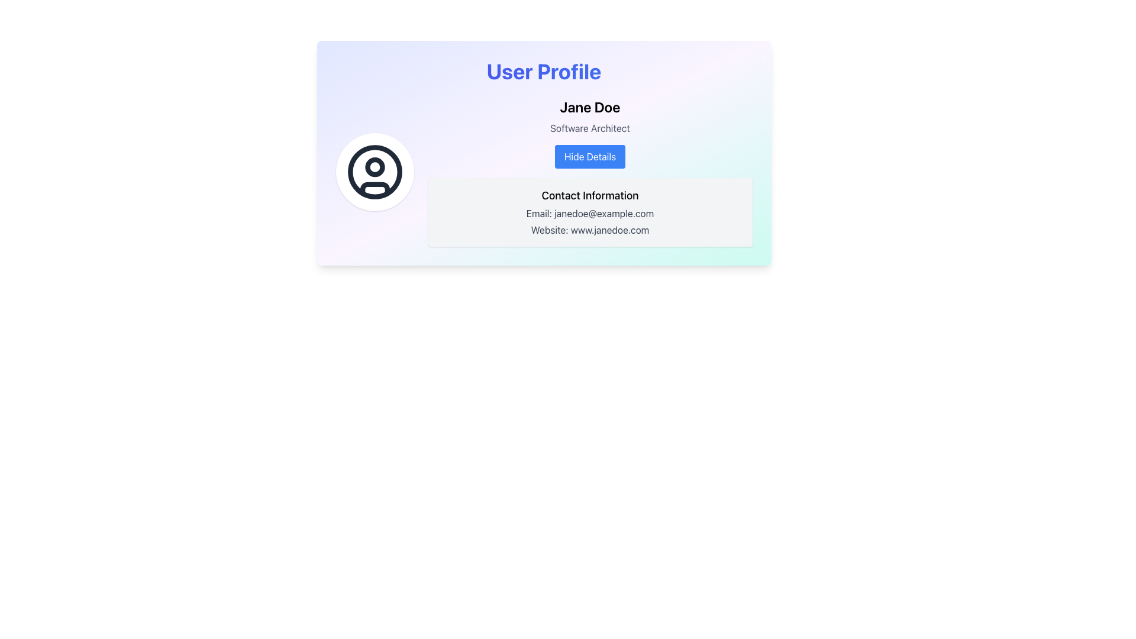 The width and height of the screenshot is (1136, 639). What do you see at coordinates (590, 156) in the screenshot?
I see `the blue button labeled 'Hide Details' with rounded corners, located between the title 'Software Architect' and the 'Contact Information' section, to hide details` at bounding box center [590, 156].